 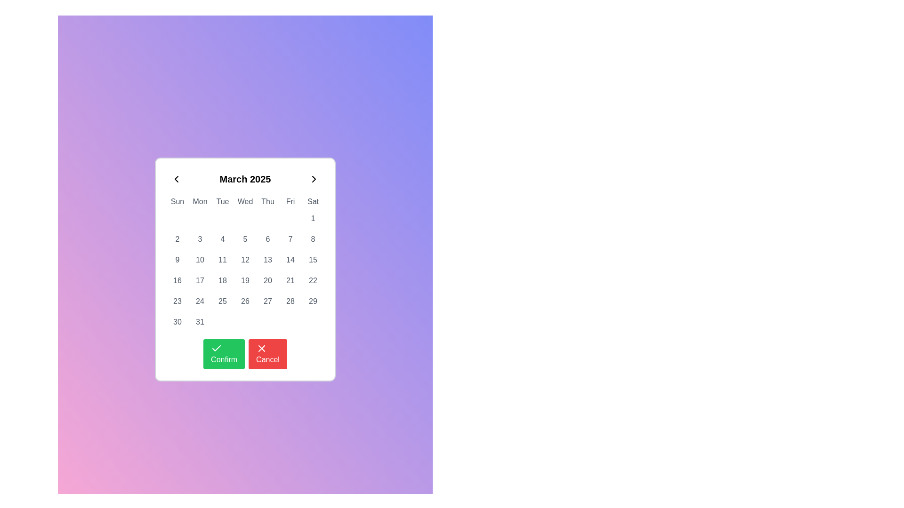 What do you see at coordinates (267, 219) in the screenshot?
I see `the calendar indicator located in the first week row under the 'Thu' day column, positioned centrally within its cell` at bounding box center [267, 219].